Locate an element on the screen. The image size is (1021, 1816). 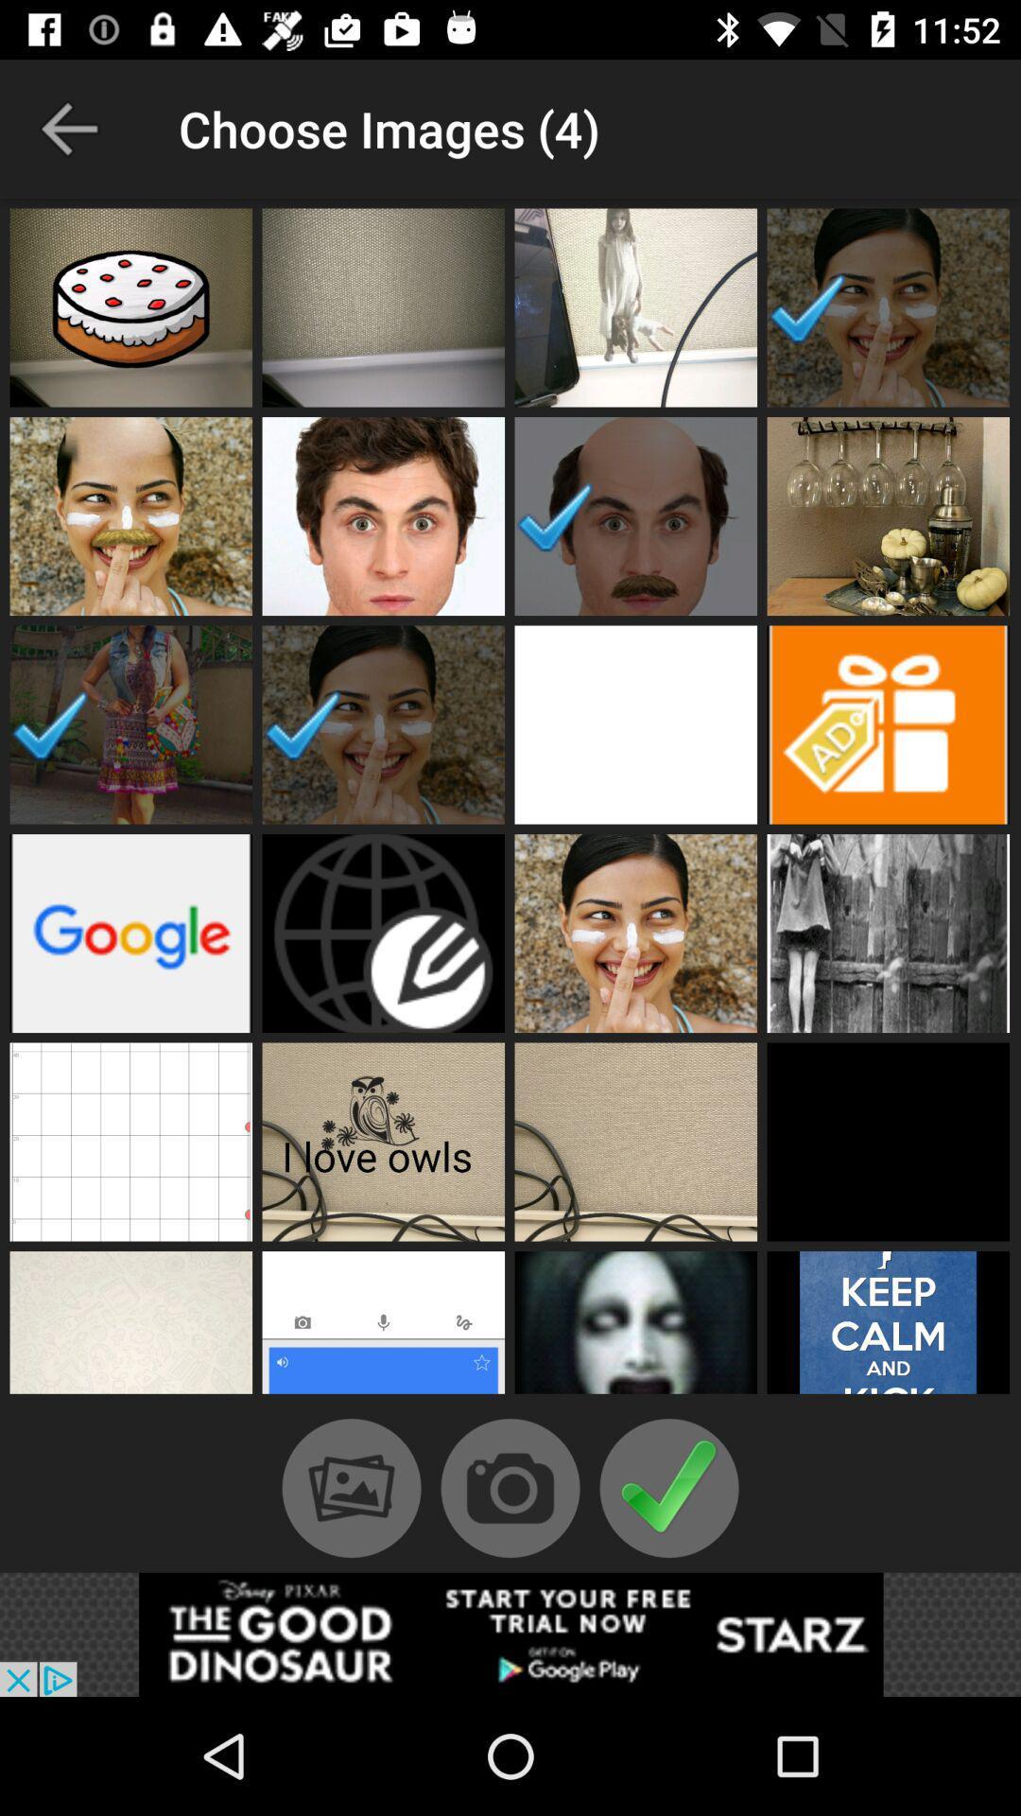
return to previous is located at coordinates (68, 128).